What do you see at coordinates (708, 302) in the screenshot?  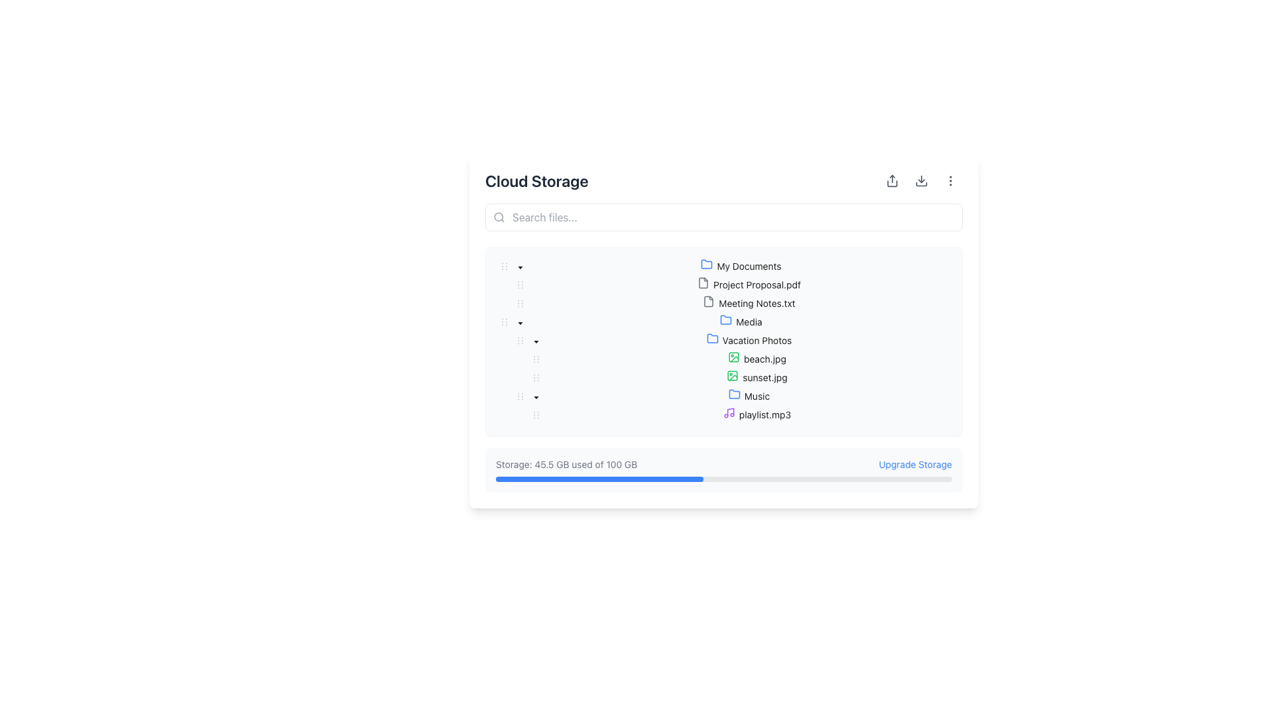 I see `the document icon, which features a folded corner and is positioned next to the label 'Meeting Notes.txt'` at bounding box center [708, 302].